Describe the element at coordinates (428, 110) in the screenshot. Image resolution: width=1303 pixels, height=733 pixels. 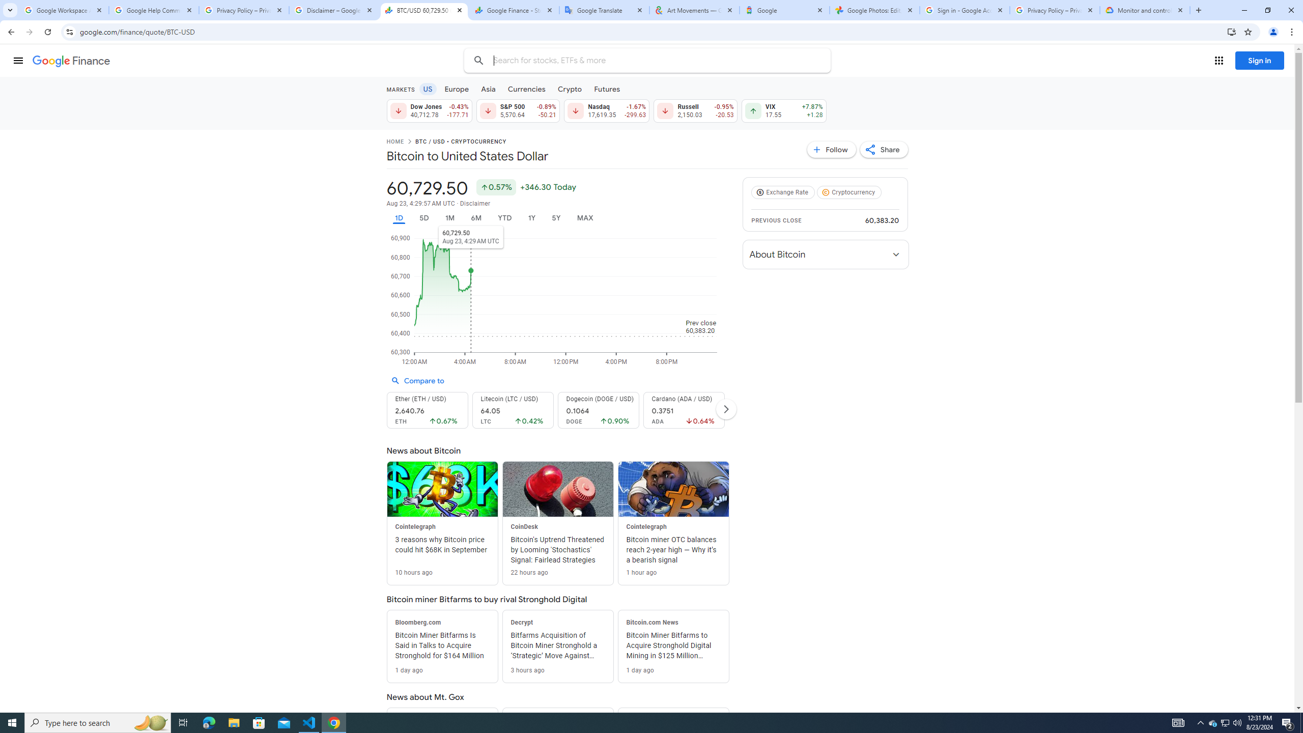
I see `'Dow Jones 40,712.78 Down by 0.43% -177.71'` at that location.